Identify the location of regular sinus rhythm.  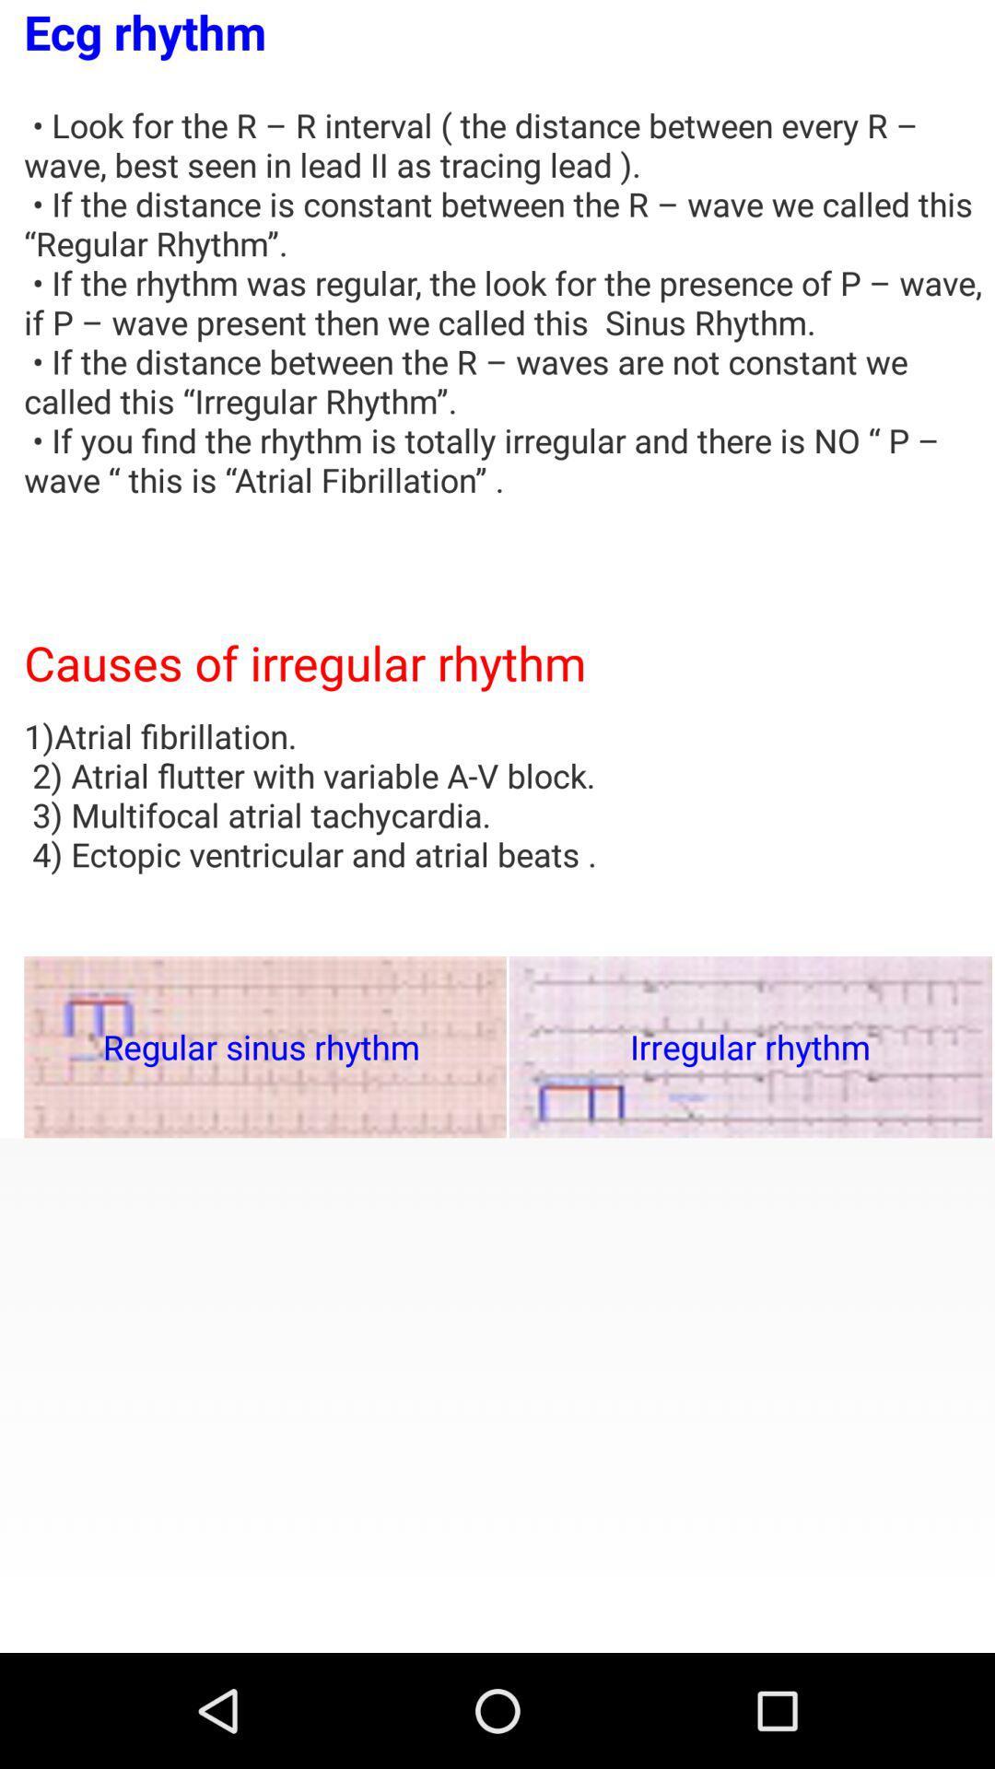
(265, 1047).